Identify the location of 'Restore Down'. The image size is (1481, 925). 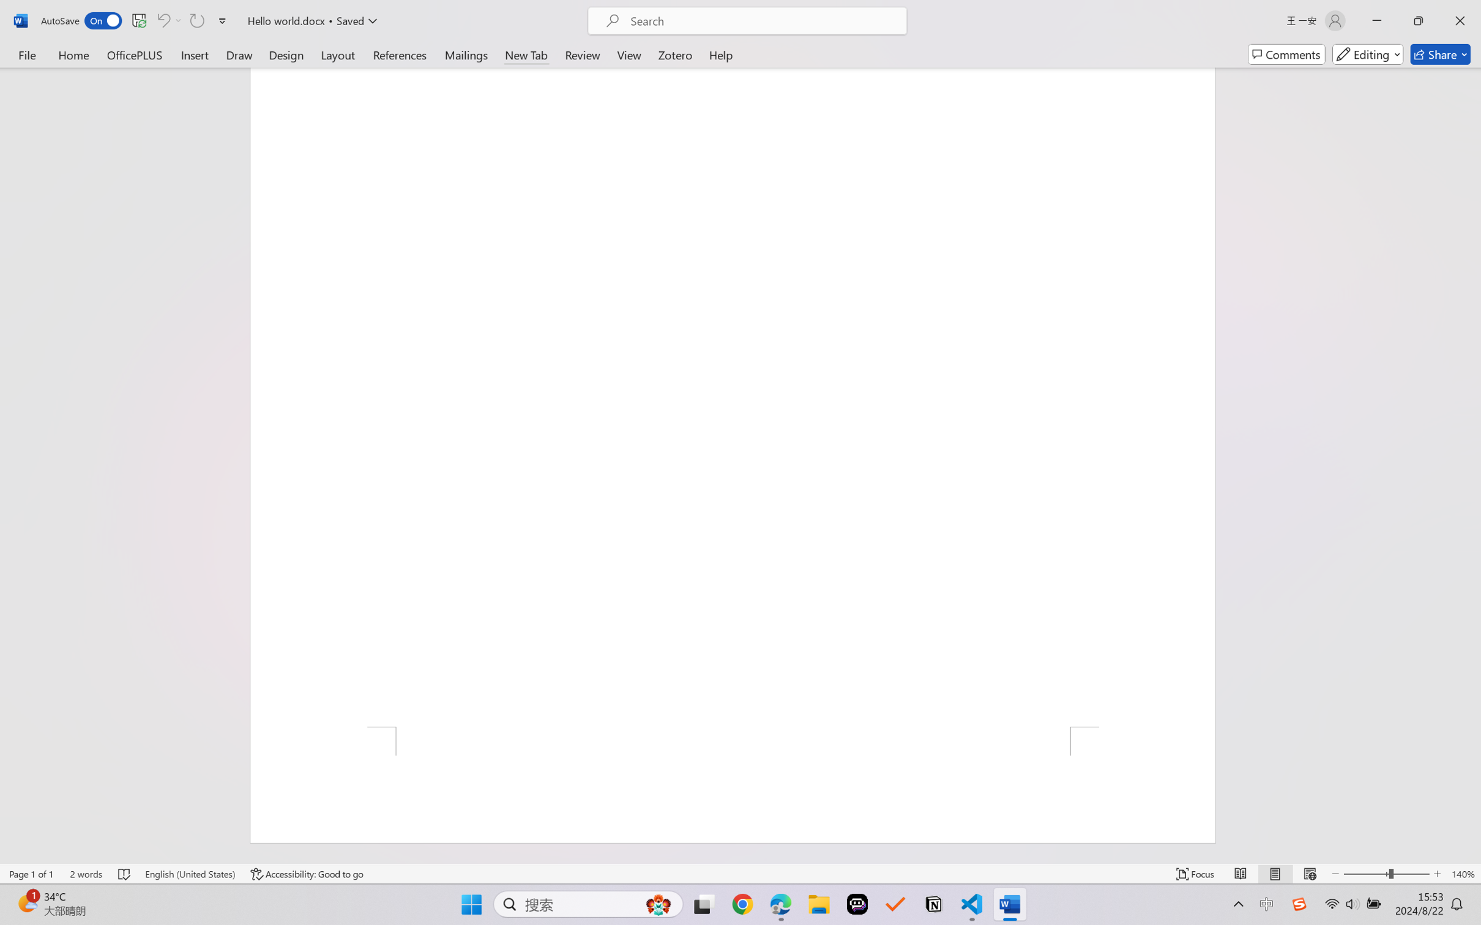
(1419, 20).